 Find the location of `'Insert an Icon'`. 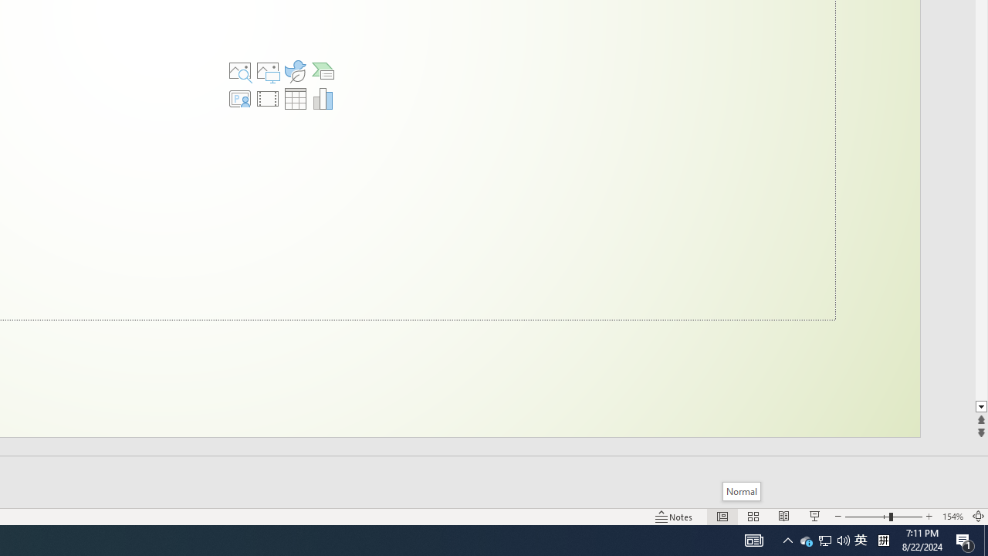

'Insert an Icon' is located at coordinates (296, 71).